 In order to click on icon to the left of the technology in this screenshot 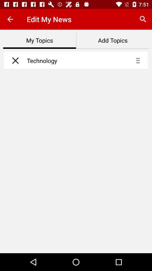, I will do `click(14, 60)`.